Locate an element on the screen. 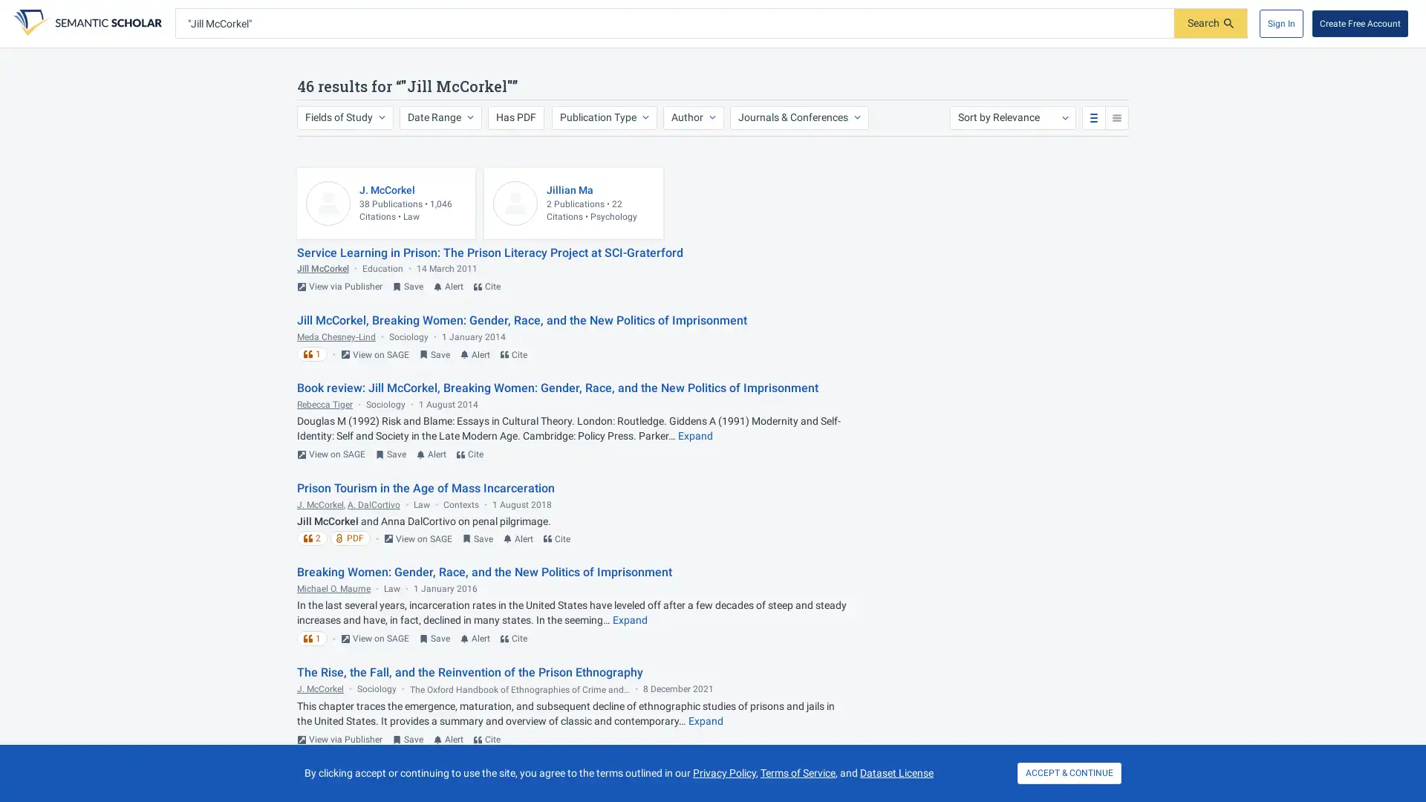 This screenshot has width=1426, height=802. Save to Library is located at coordinates (434, 638).